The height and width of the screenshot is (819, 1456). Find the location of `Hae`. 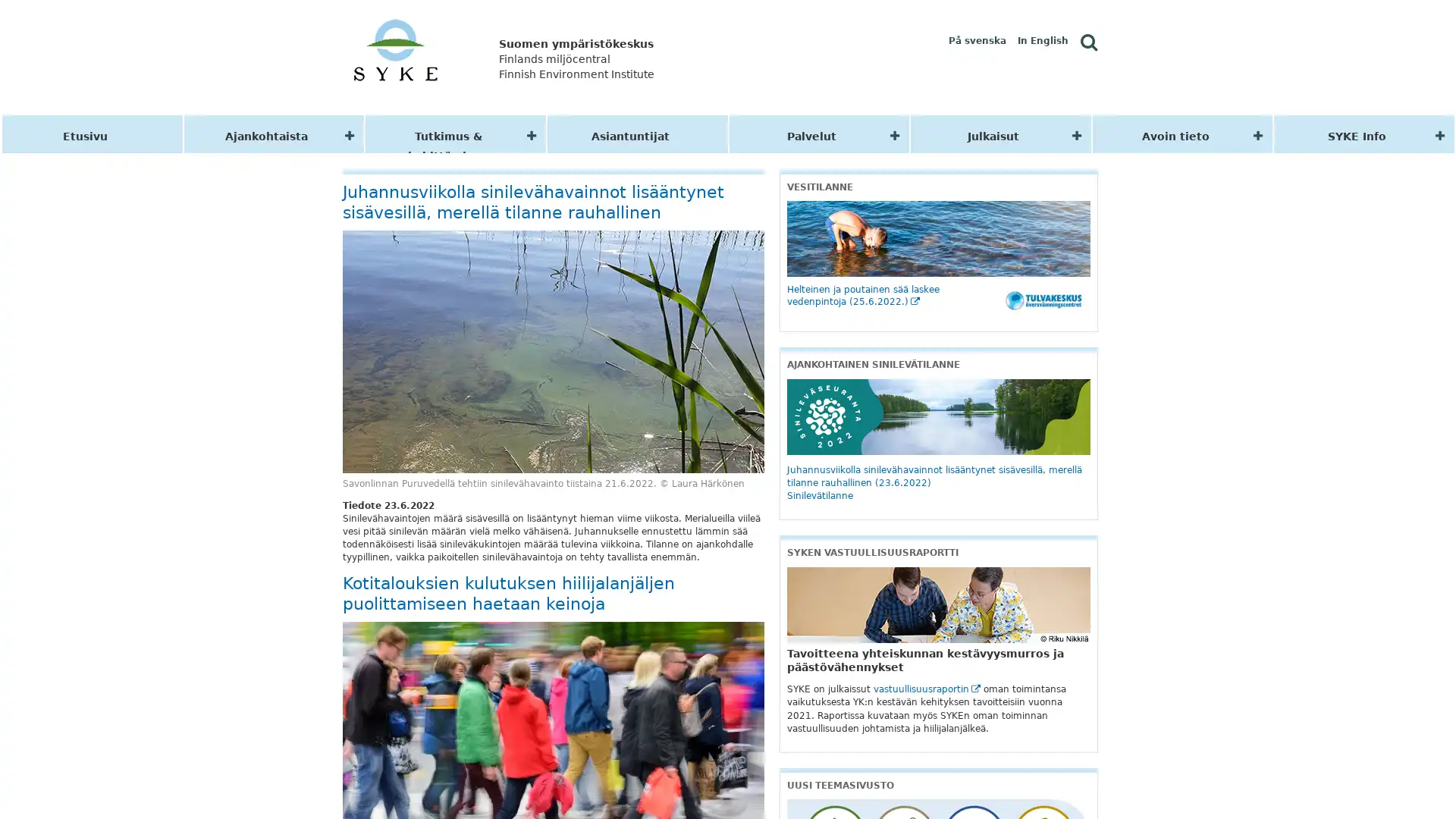

Hae is located at coordinates (1087, 42).